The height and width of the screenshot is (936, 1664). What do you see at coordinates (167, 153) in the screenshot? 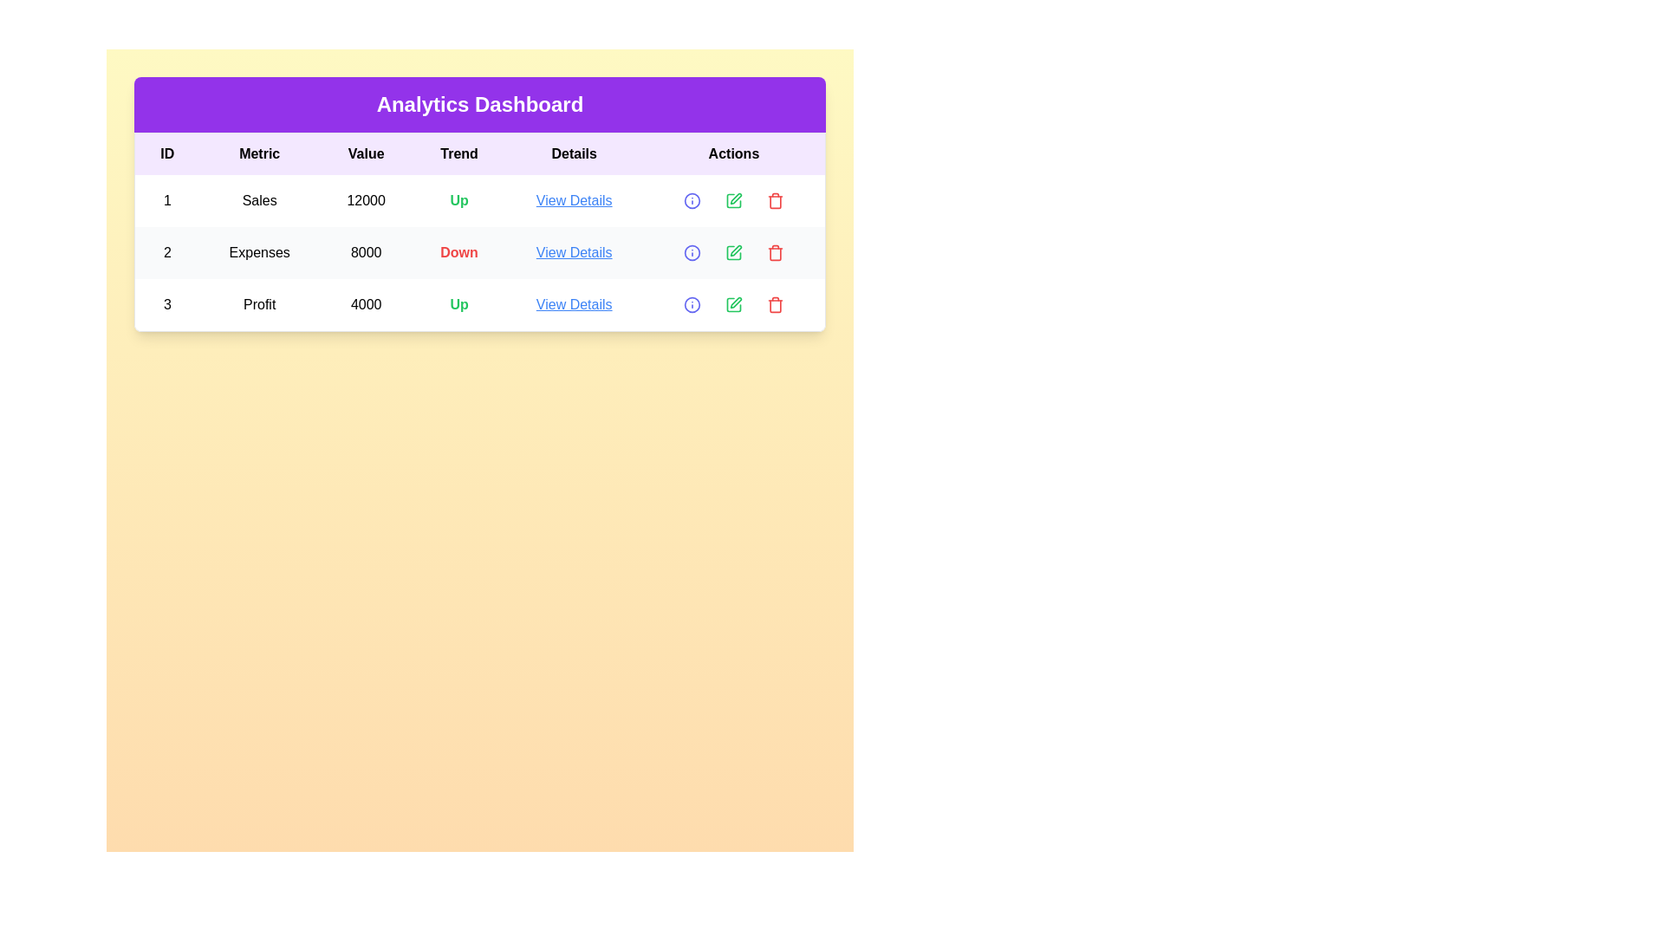
I see `'ID' column header label in the table under the 'Analytics Dashboard' section to understand its purpose` at bounding box center [167, 153].